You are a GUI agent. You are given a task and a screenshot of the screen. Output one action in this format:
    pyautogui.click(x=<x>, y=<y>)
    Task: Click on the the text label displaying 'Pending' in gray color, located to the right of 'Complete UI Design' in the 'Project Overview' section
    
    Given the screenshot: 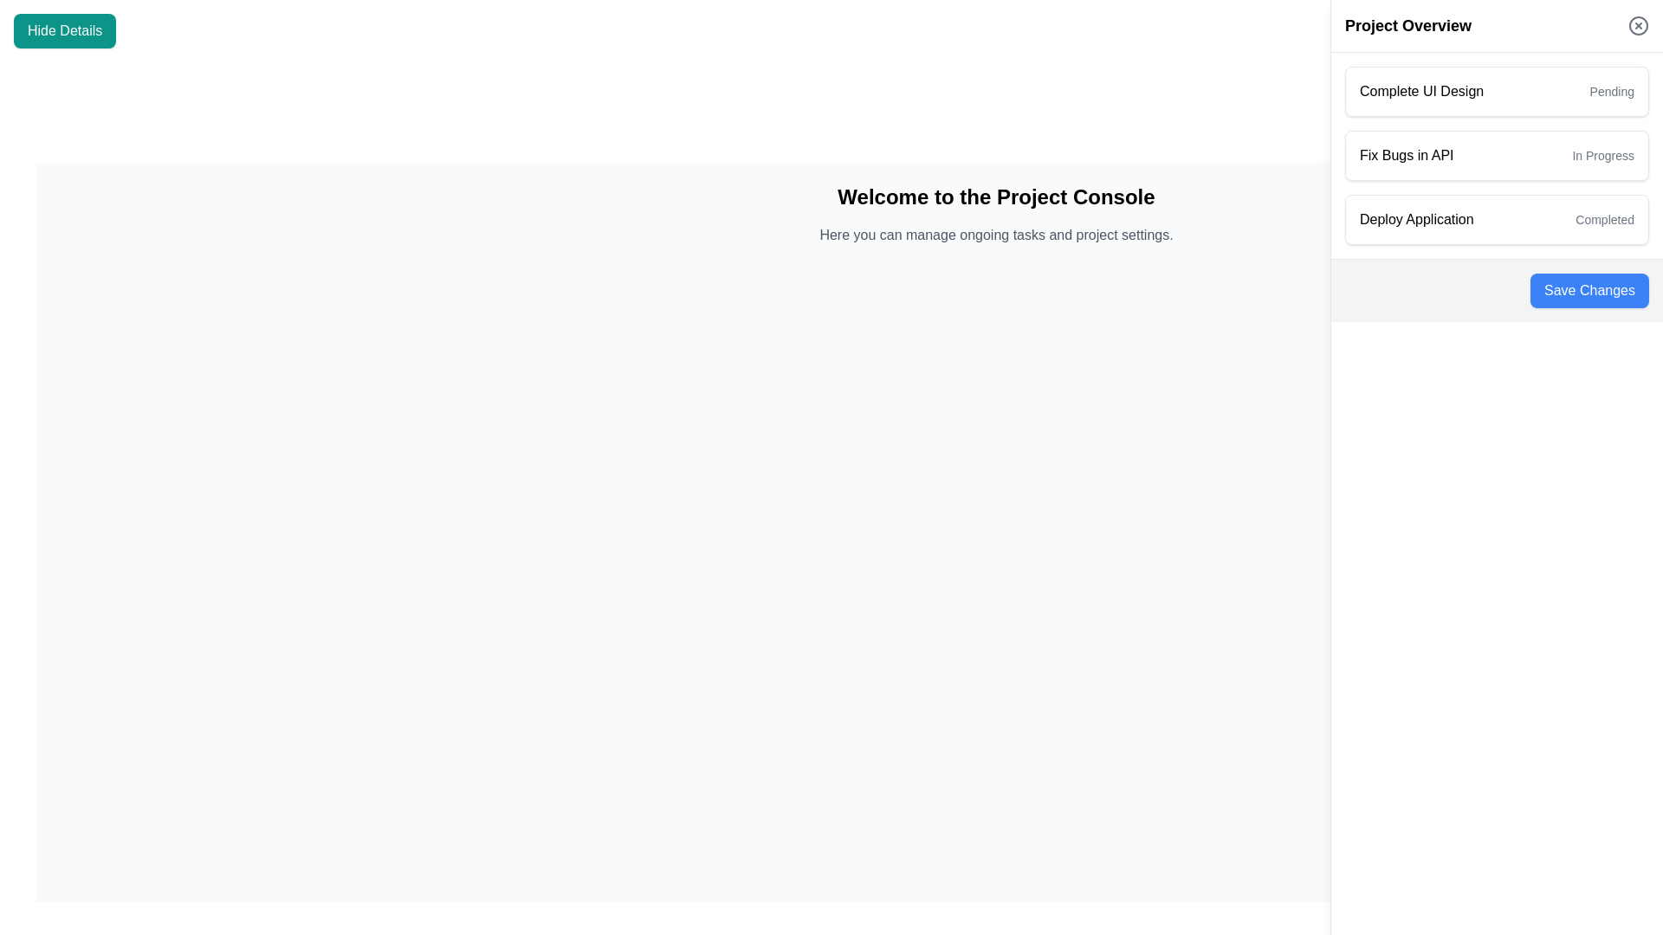 What is the action you would take?
    pyautogui.click(x=1611, y=91)
    